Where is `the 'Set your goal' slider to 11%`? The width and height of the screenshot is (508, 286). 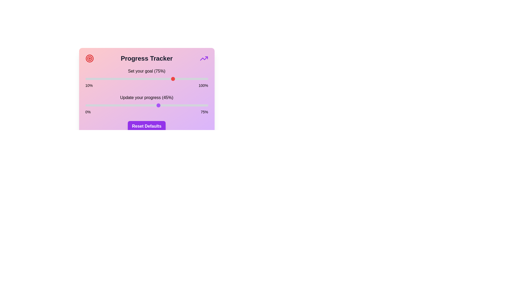 the 'Set your goal' slider to 11% is located at coordinates (87, 79).